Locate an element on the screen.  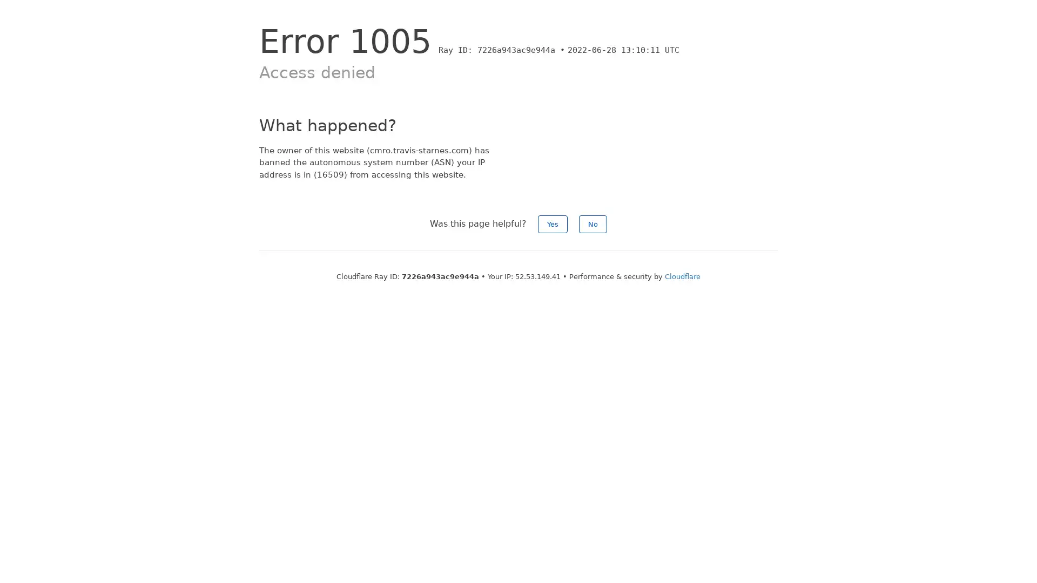
No is located at coordinates (592, 223).